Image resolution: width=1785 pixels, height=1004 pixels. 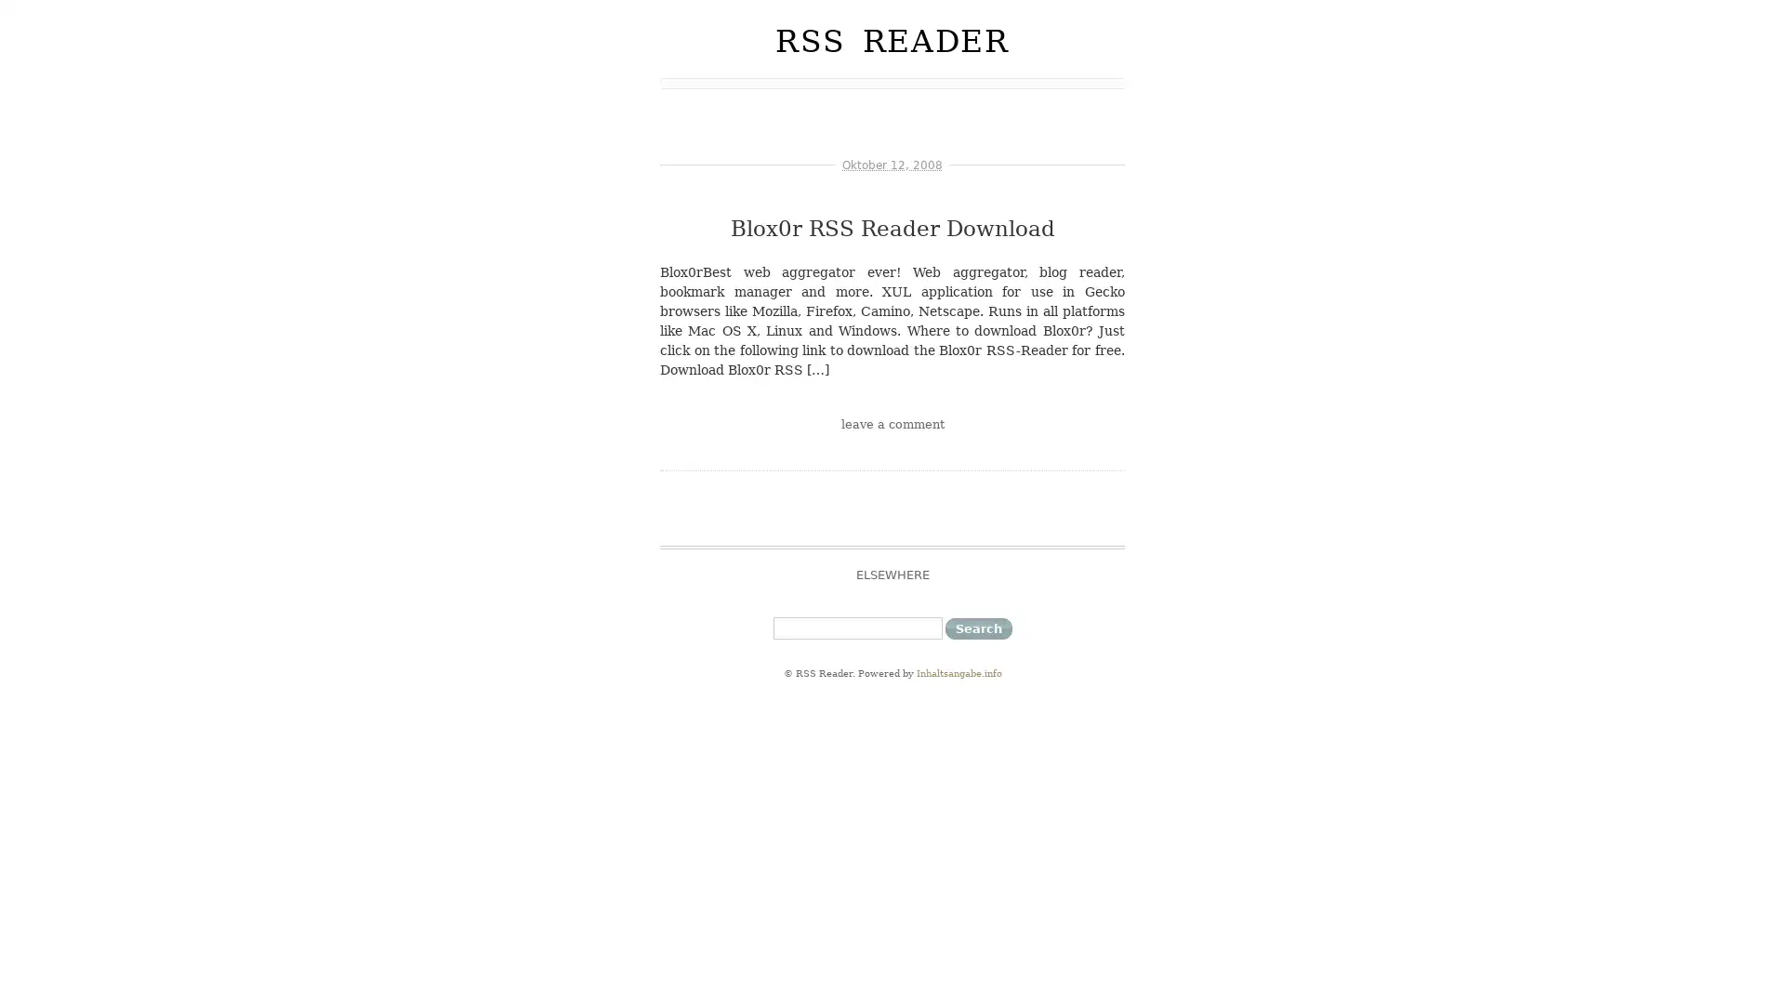 I want to click on Search, so click(x=976, y=627).